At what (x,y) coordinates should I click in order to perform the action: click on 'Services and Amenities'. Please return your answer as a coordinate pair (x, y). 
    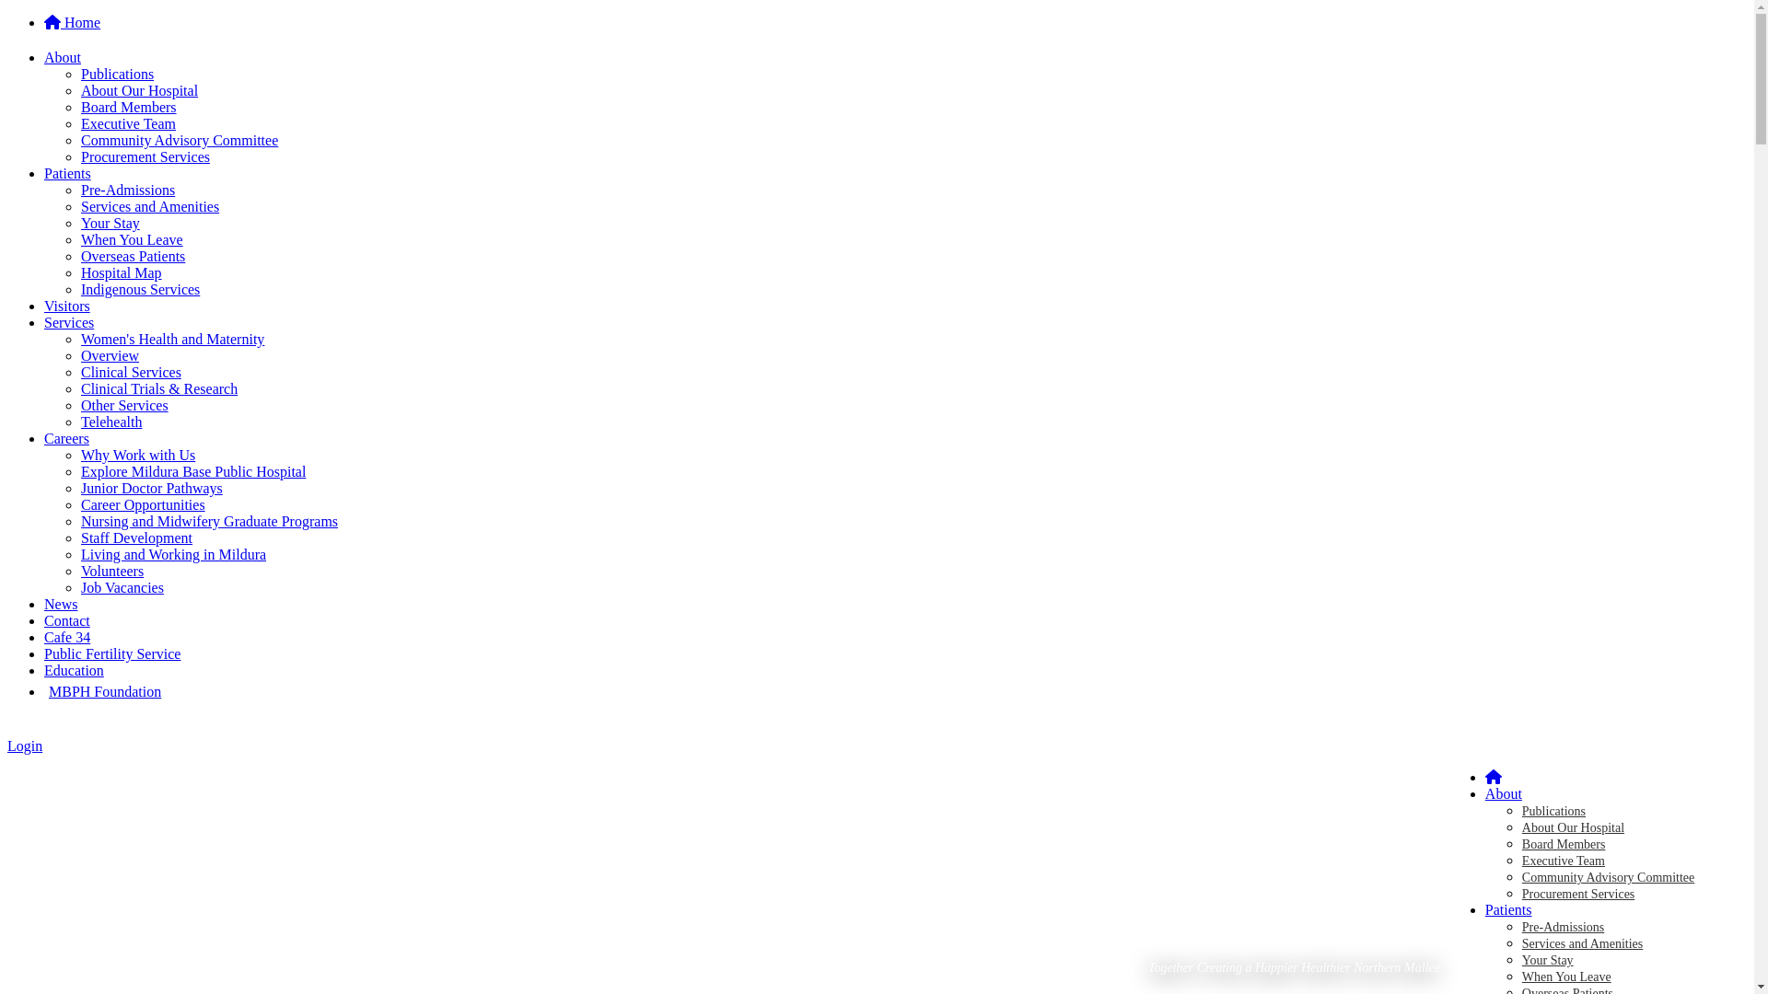
    Looking at the image, I should click on (150, 206).